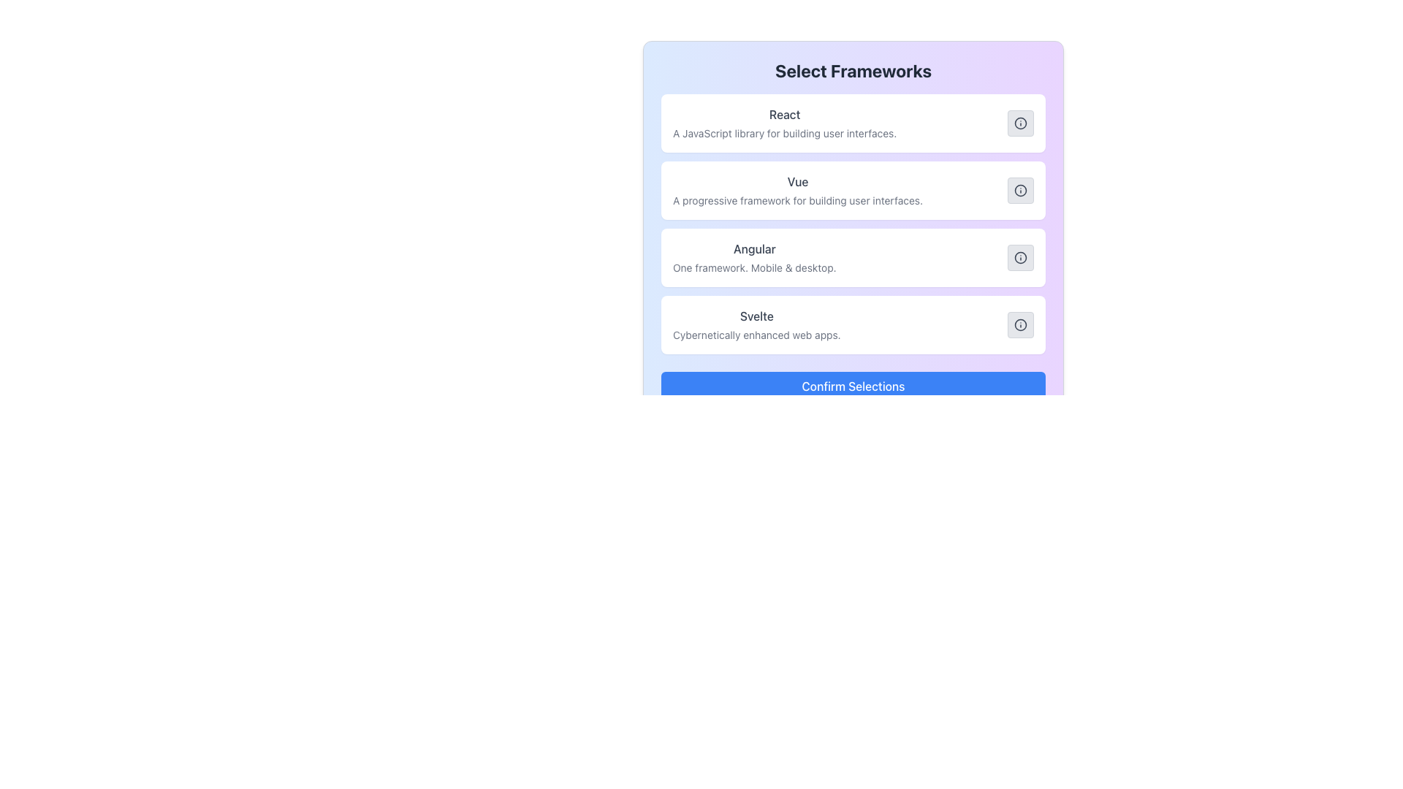  Describe the element at coordinates (853, 230) in the screenshot. I see `the third selection card titled 'Angular' in the 'Select Frameworks' section, which features a white background and rounded corners` at that location.